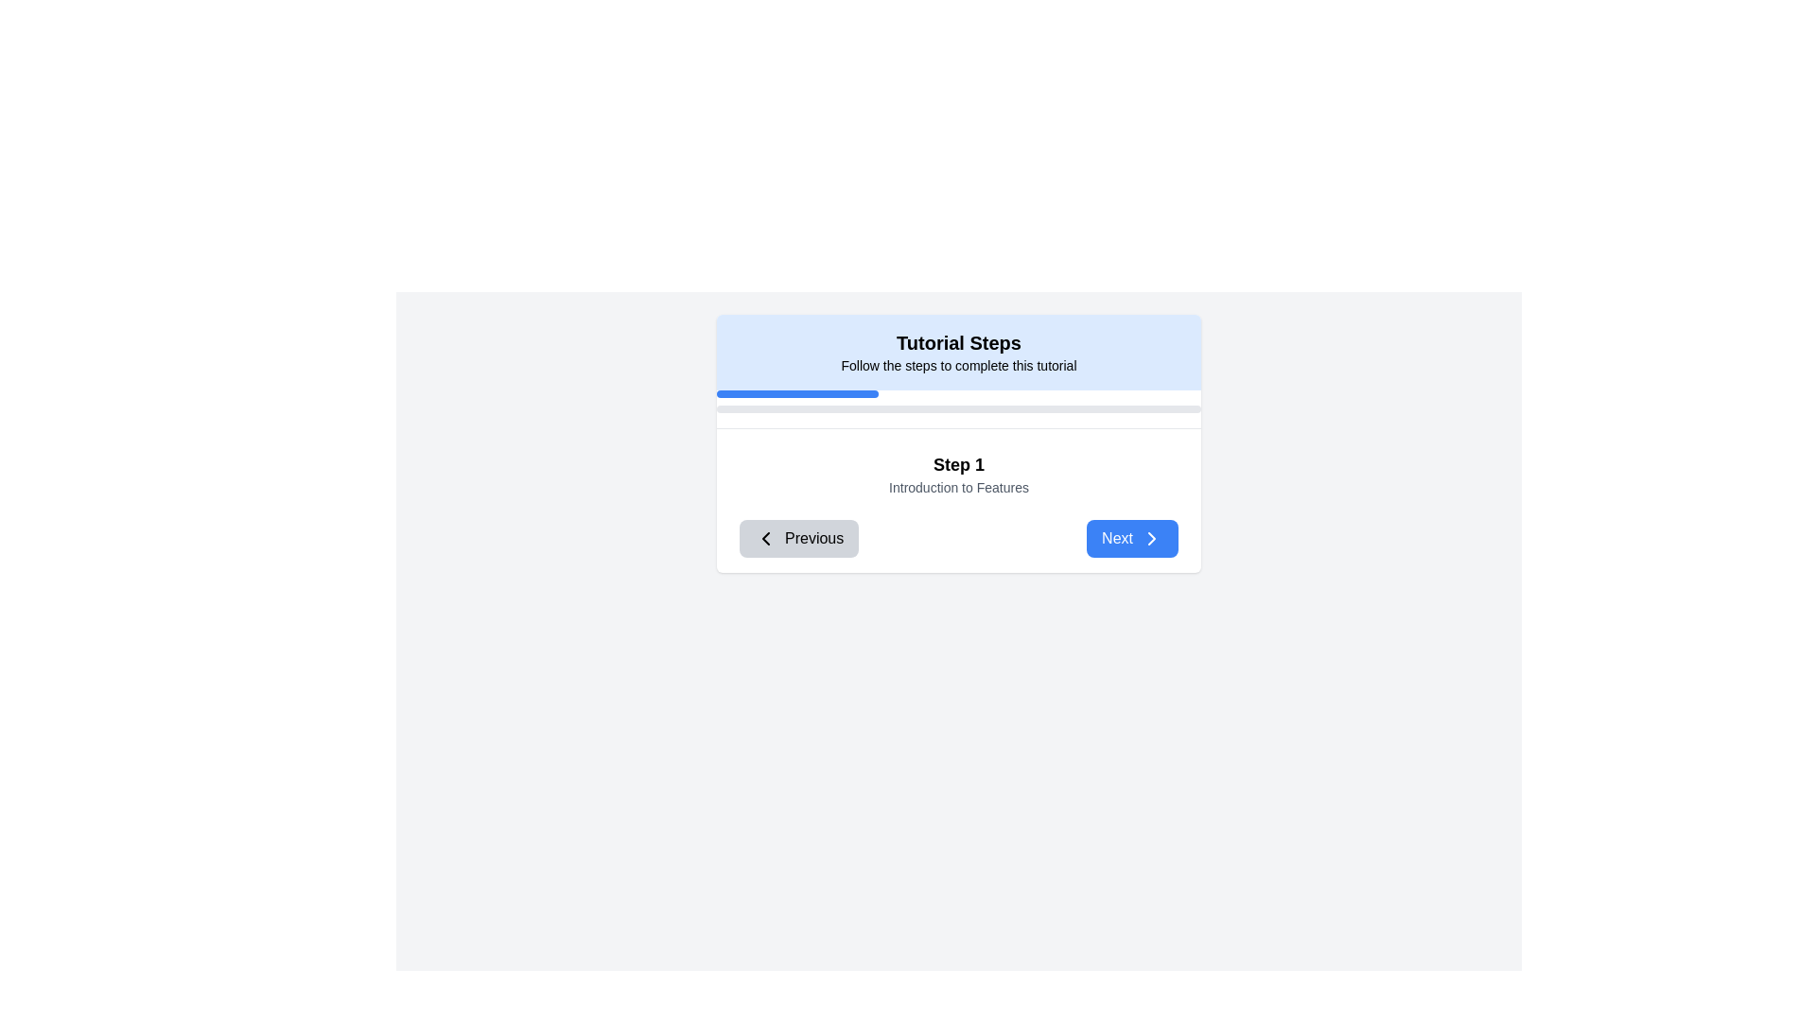  Describe the element at coordinates (944, 407) in the screenshot. I see `the progress bar completion` at that location.